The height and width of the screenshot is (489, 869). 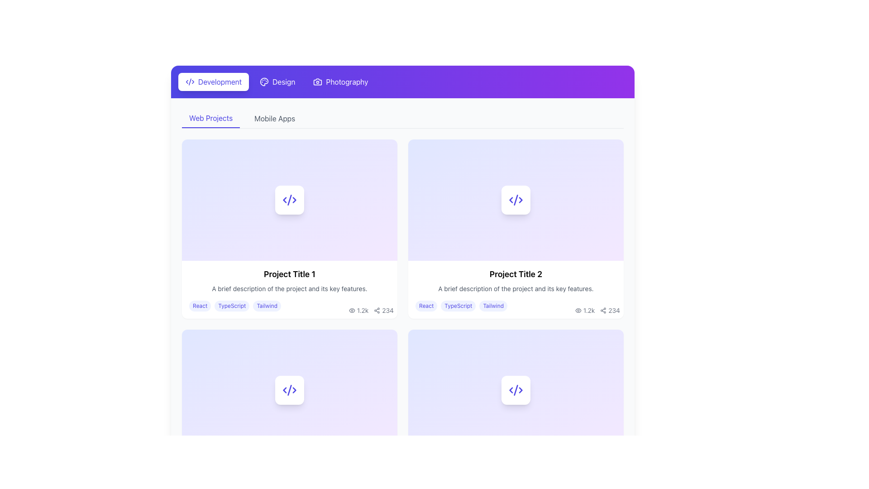 What do you see at coordinates (318, 82) in the screenshot?
I see `the third SVG icon in the navigation bar, which represents the 'Photography' section` at bounding box center [318, 82].